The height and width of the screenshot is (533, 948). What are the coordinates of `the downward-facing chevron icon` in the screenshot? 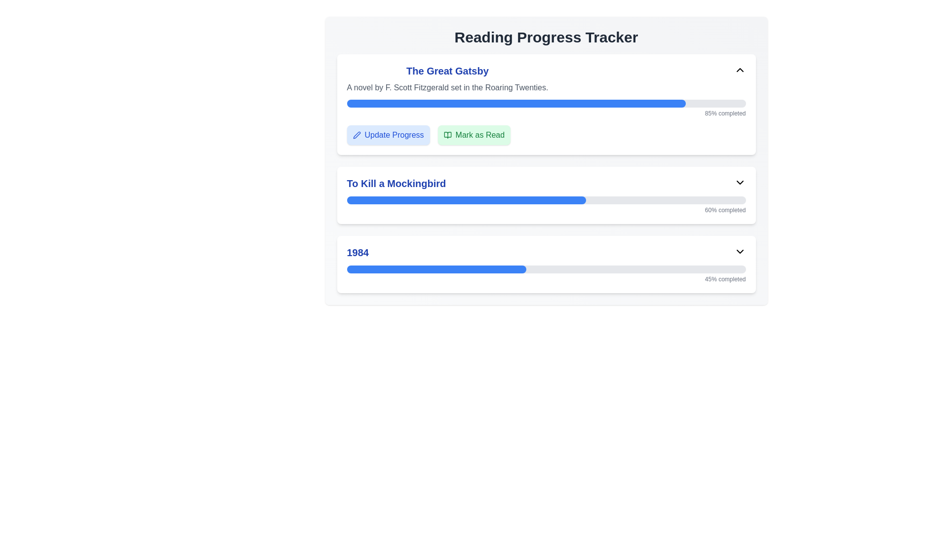 It's located at (740, 251).